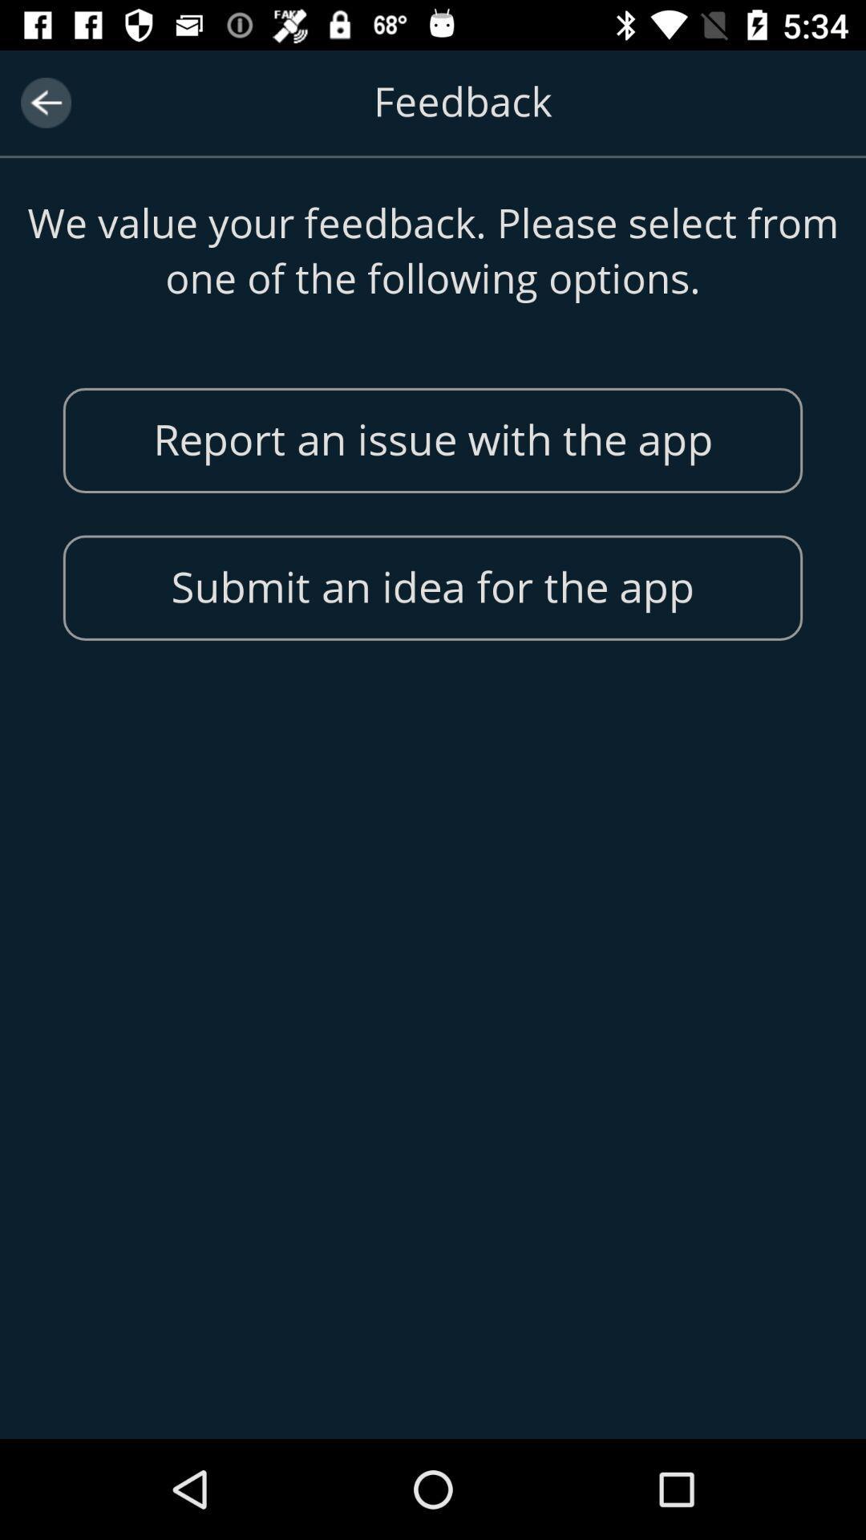 The height and width of the screenshot is (1540, 866). I want to click on the arrow_backward icon, so click(45, 102).